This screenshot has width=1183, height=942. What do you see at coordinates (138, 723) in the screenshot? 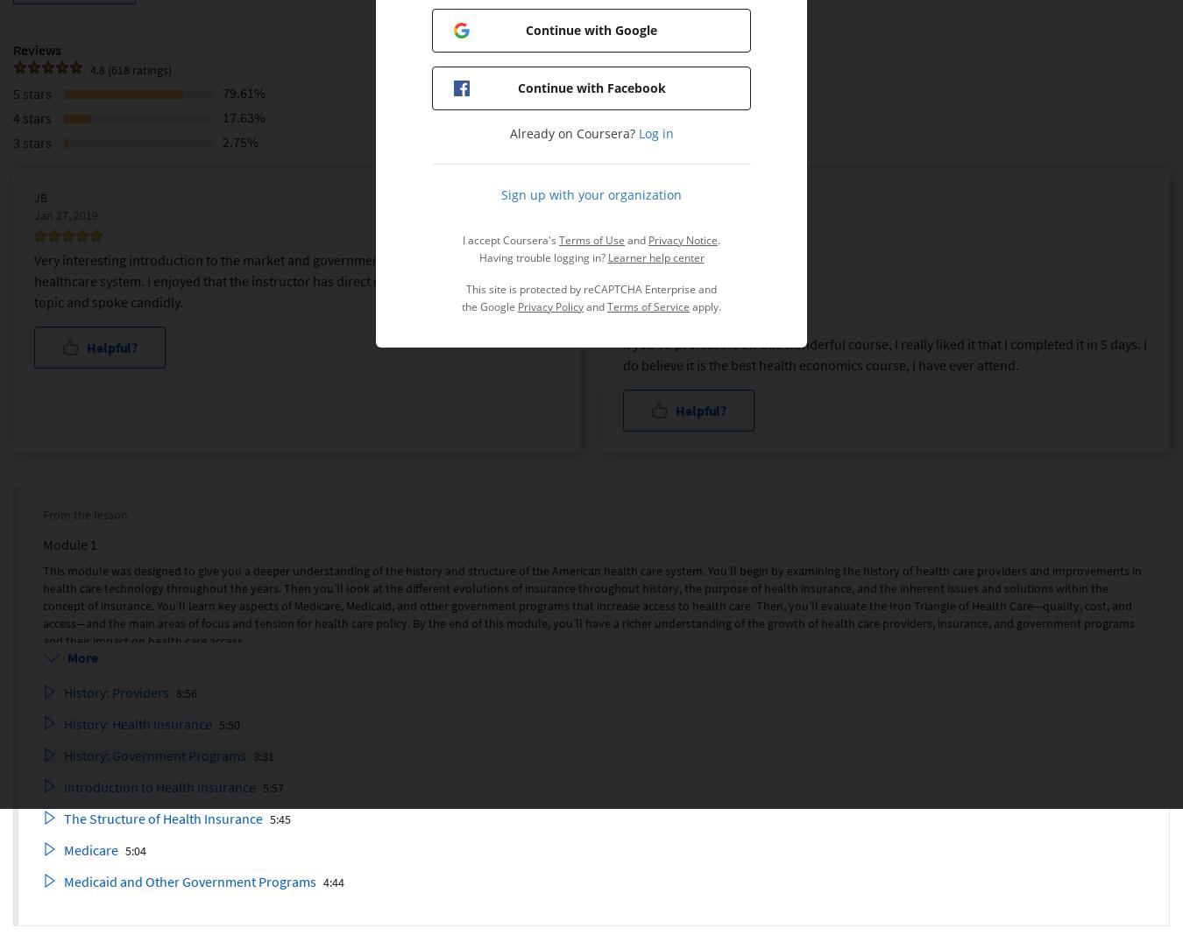
I see `'History: Health Insurance'` at bounding box center [138, 723].